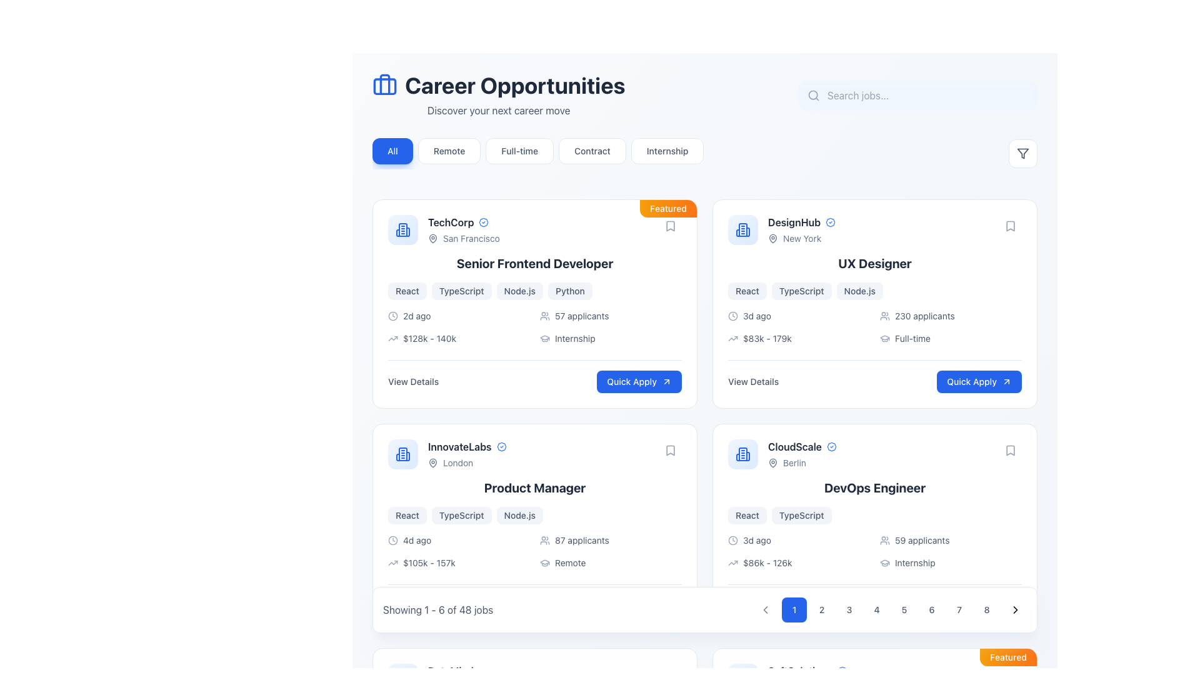  Describe the element at coordinates (392, 563) in the screenshot. I see `the growth improvement icon located to the left of the salary range '$105k - 157k' in the job listing for 'Product Manager' at 'InnovateLabs'` at that location.